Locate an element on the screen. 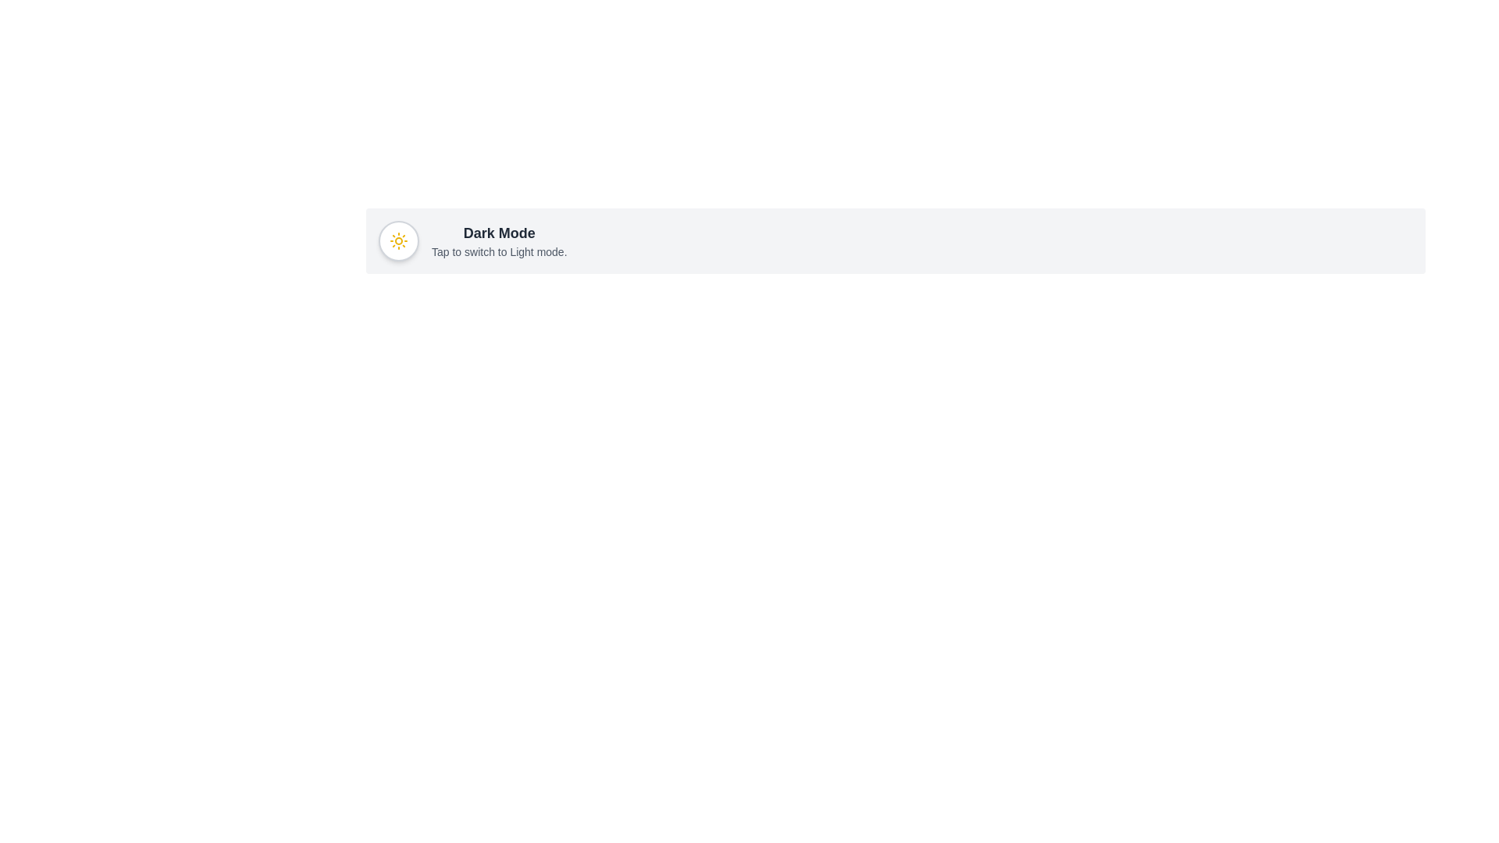 Image resolution: width=1499 pixels, height=843 pixels. the circular button featuring a sun icon, which is yellow on a white background with a thin gray border is located at coordinates (398, 240).